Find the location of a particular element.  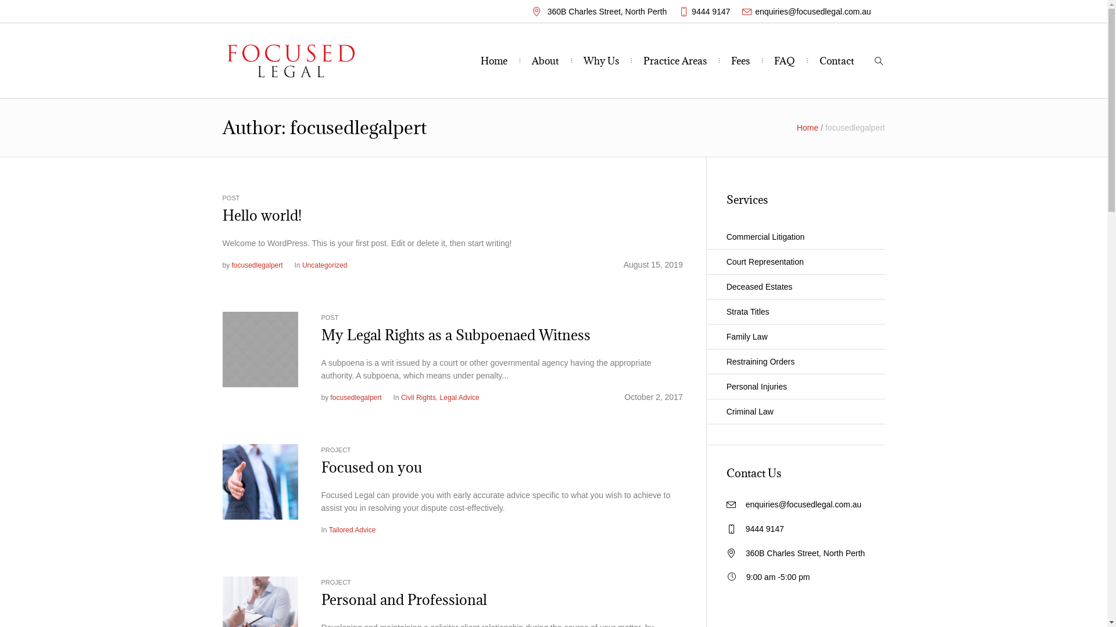

'Strata Titles' is located at coordinates (795, 311).